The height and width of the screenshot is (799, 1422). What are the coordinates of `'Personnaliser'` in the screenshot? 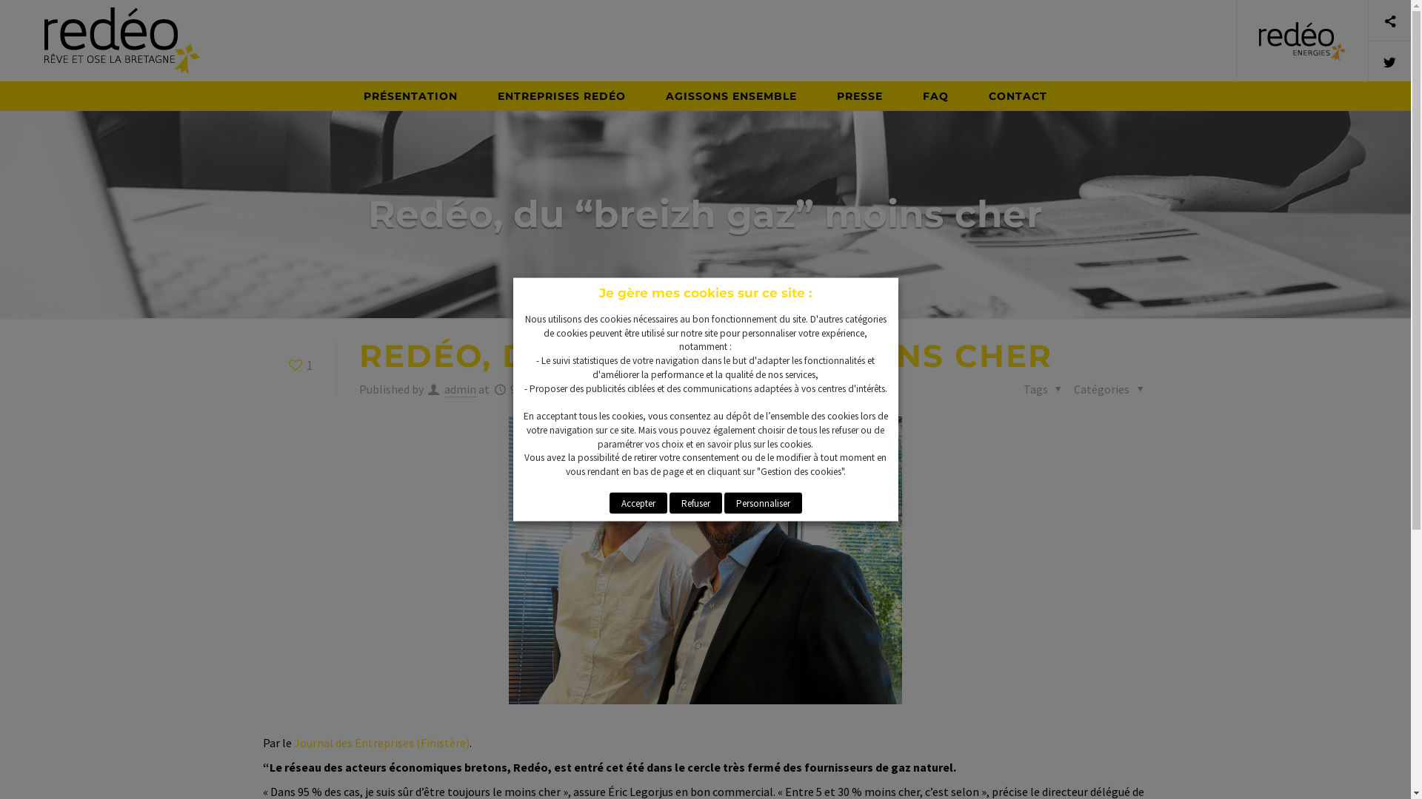 It's located at (763, 502).